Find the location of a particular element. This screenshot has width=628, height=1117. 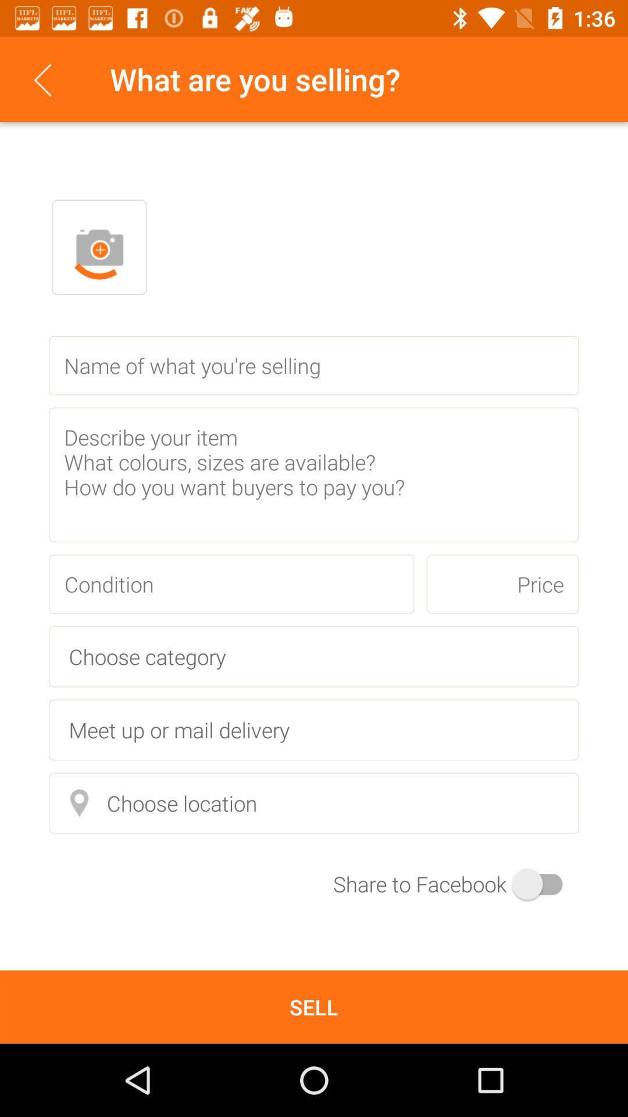

describe your item is located at coordinates (314, 475).